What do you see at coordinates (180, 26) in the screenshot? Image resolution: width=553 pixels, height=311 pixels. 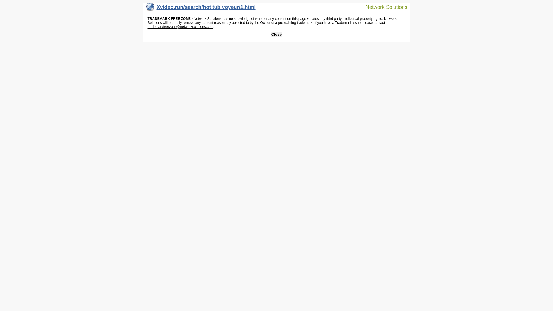 I see `'trademarkfreezone@networksolutions.com'` at bounding box center [180, 26].